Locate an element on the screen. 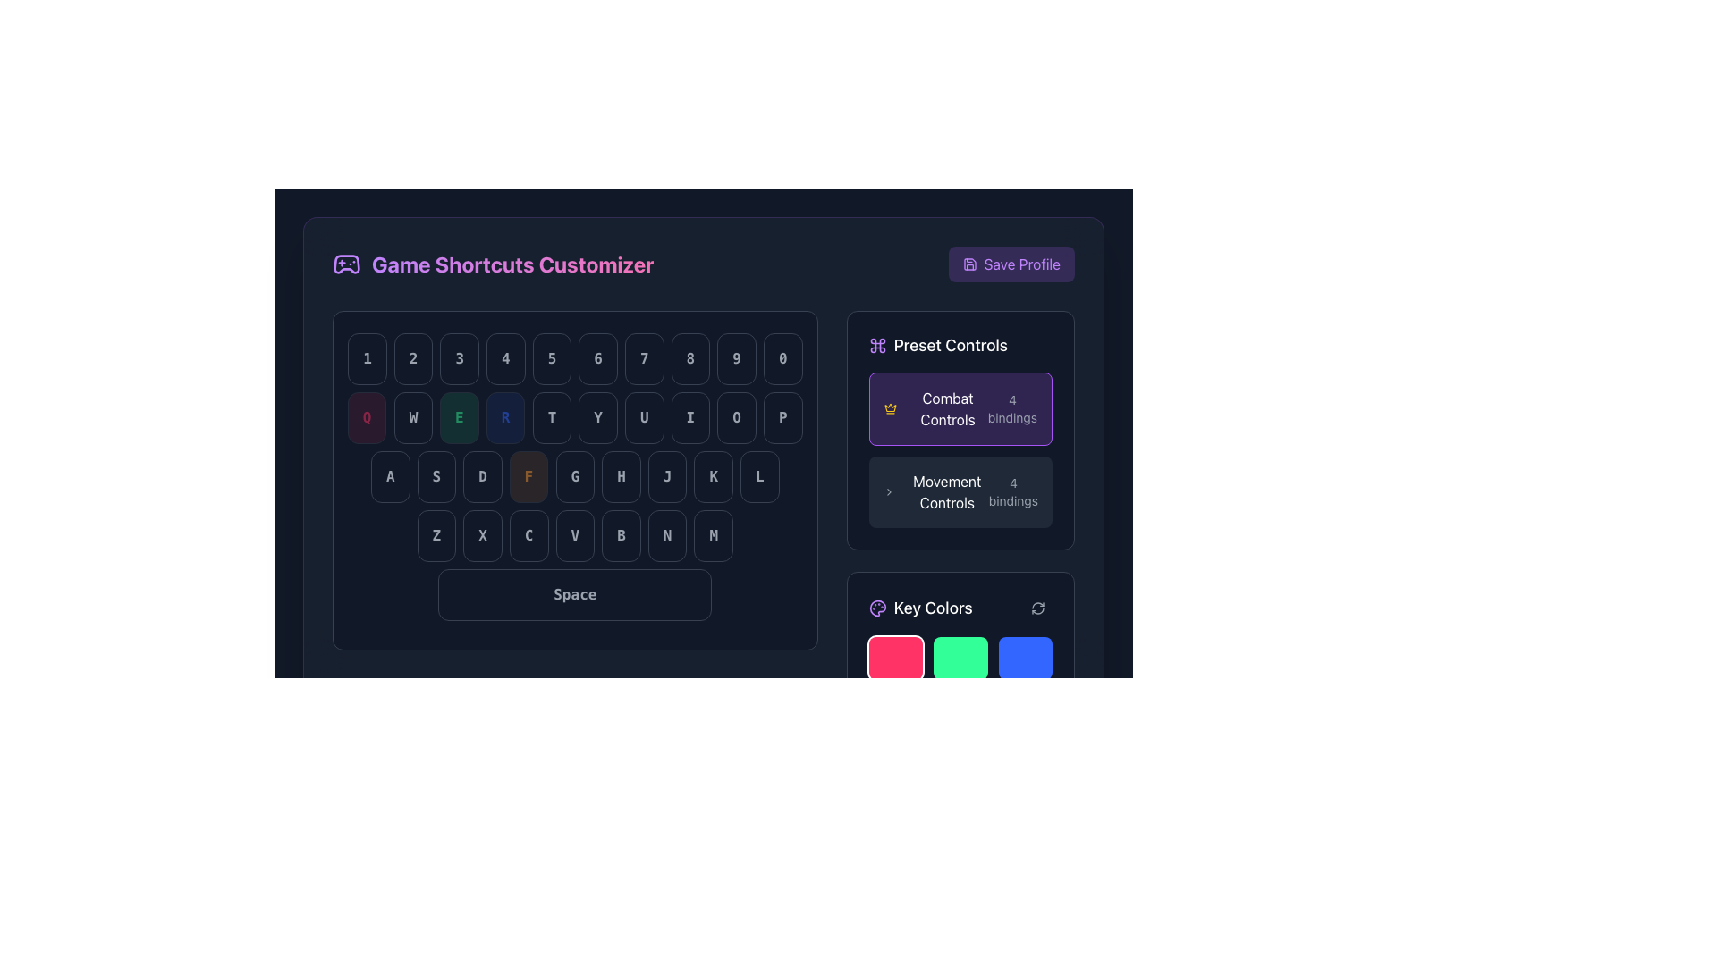 The image size is (1717, 965). the 'C' key button on the virtual keyboard, which is the third button from the left in the bottom-most row of the alphabetic array, located between 'X' and 'V' is located at coordinates (528, 535).